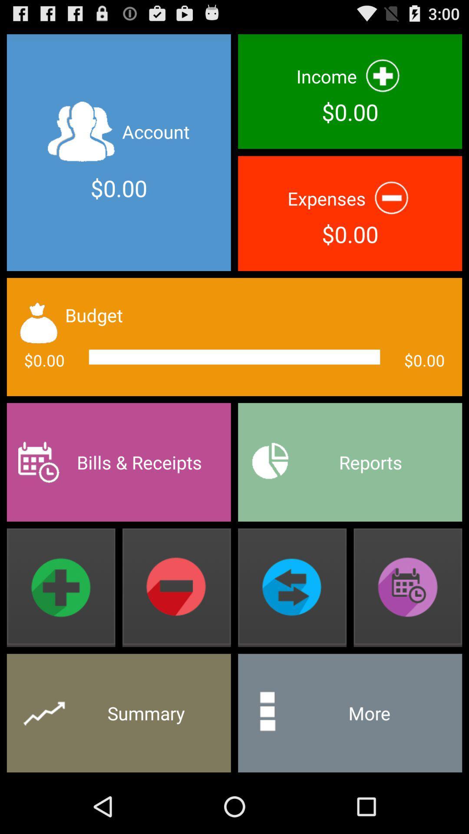 The height and width of the screenshot is (834, 469). I want to click on bills & receipts, so click(119, 462).